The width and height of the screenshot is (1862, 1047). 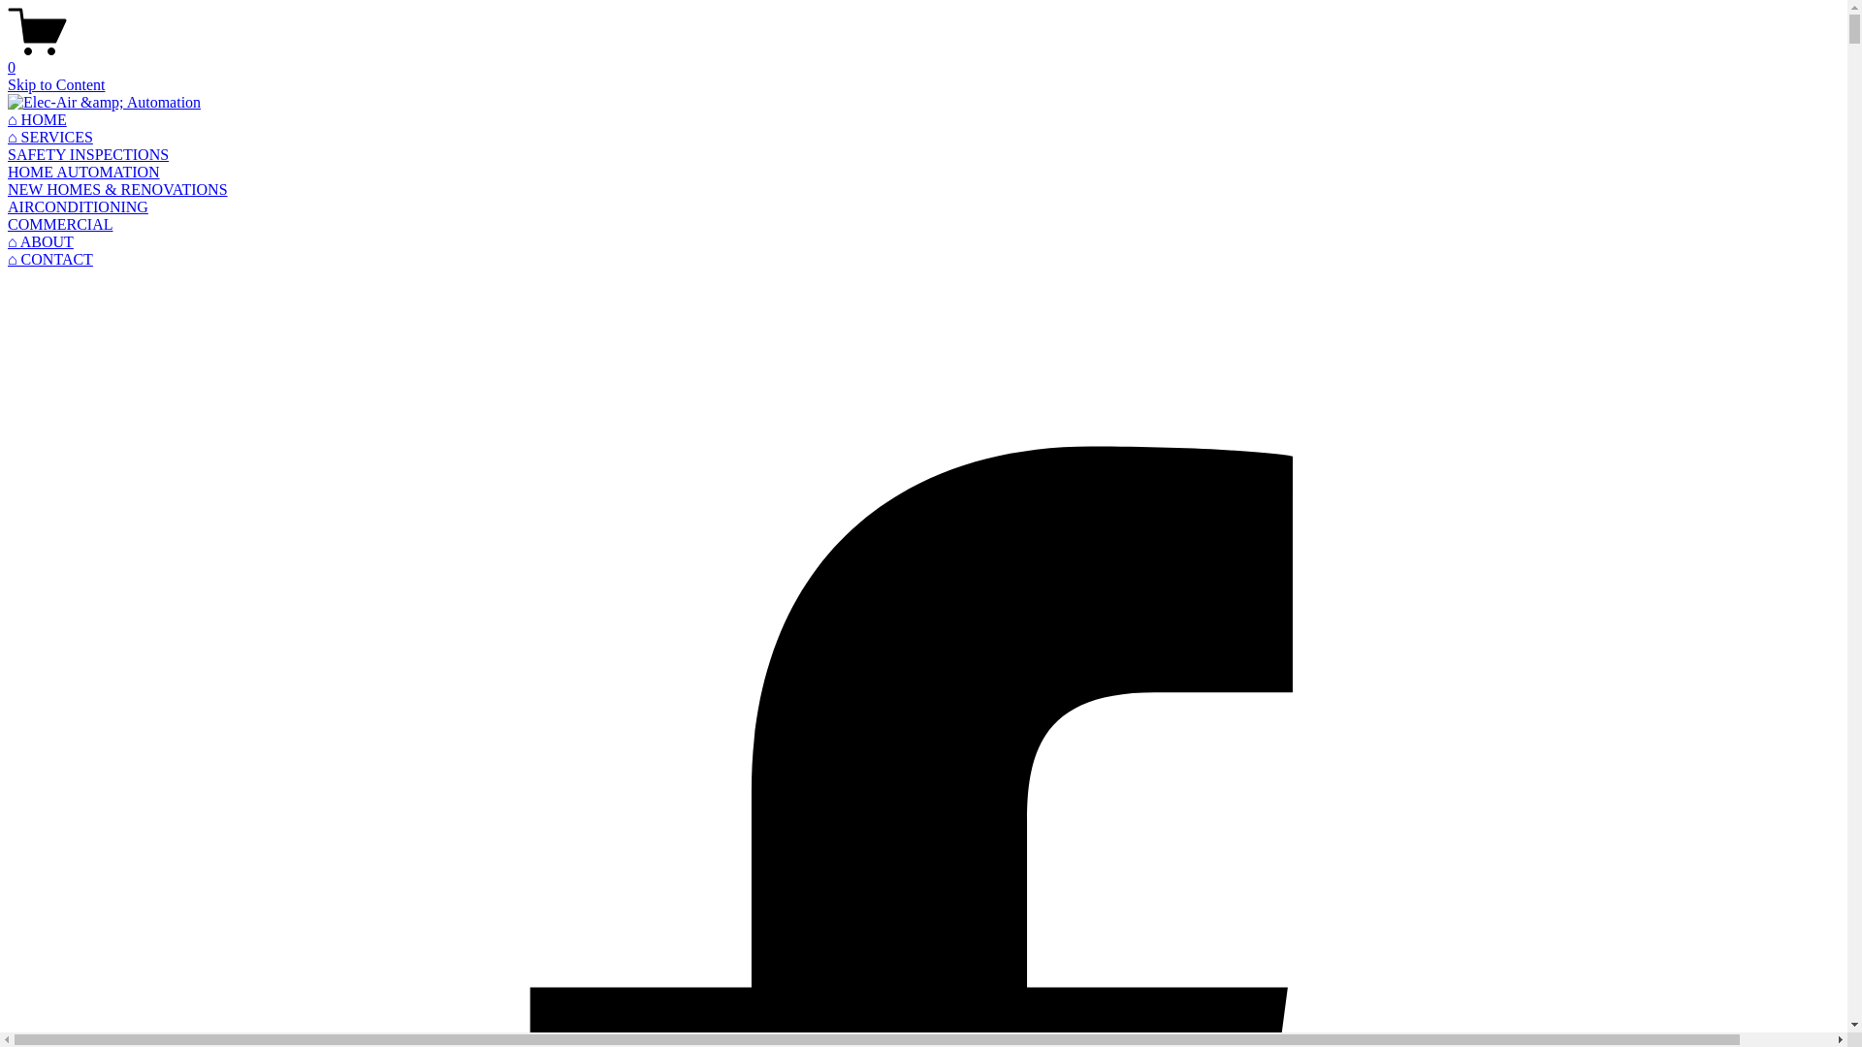 What do you see at coordinates (87, 153) in the screenshot?
I see `'SAFETY INSPECTIONS'` at bounding box center [87, 153].